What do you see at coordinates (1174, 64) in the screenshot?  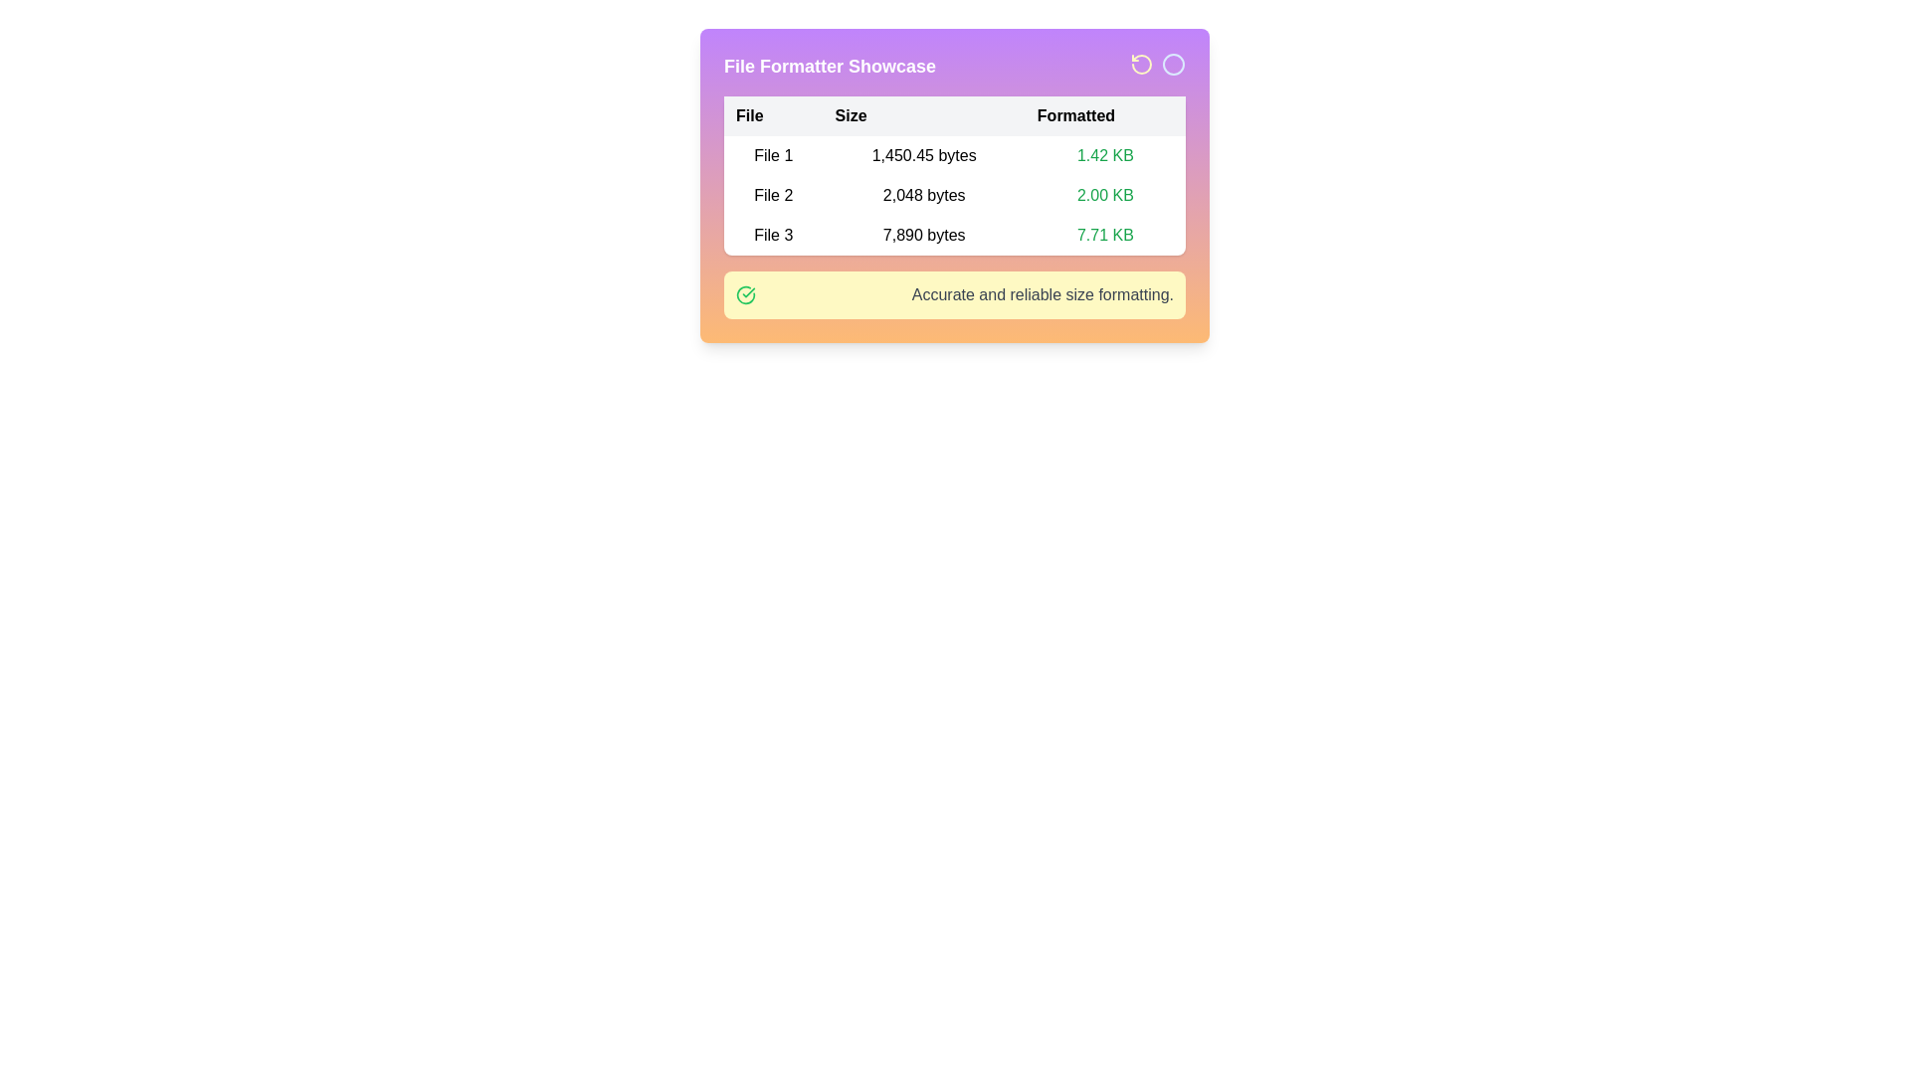 I see `the circular button located at the top-right corner of the interface, next to the counter-clockwise arrow icon` at bounding box center [1174, 64].